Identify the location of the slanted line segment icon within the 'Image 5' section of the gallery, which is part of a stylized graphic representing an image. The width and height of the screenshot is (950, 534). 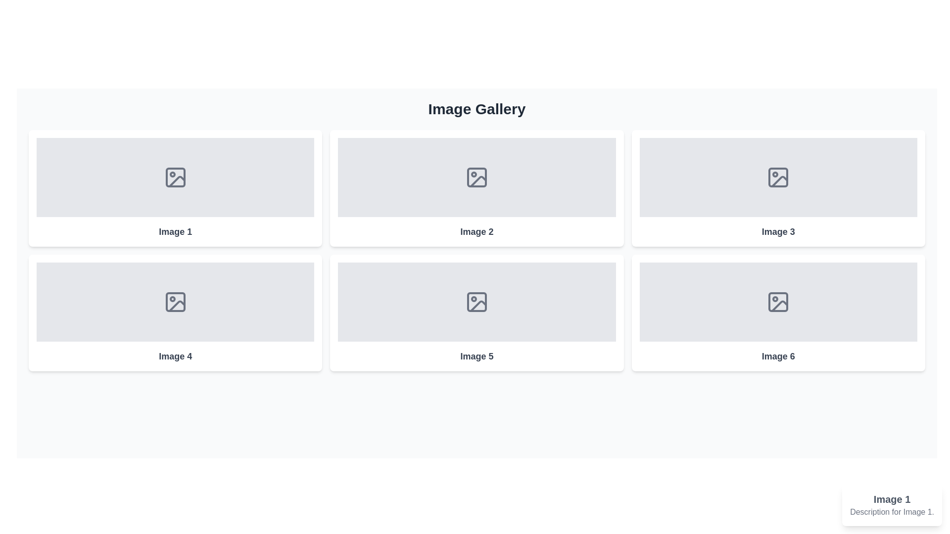
(478, 306).